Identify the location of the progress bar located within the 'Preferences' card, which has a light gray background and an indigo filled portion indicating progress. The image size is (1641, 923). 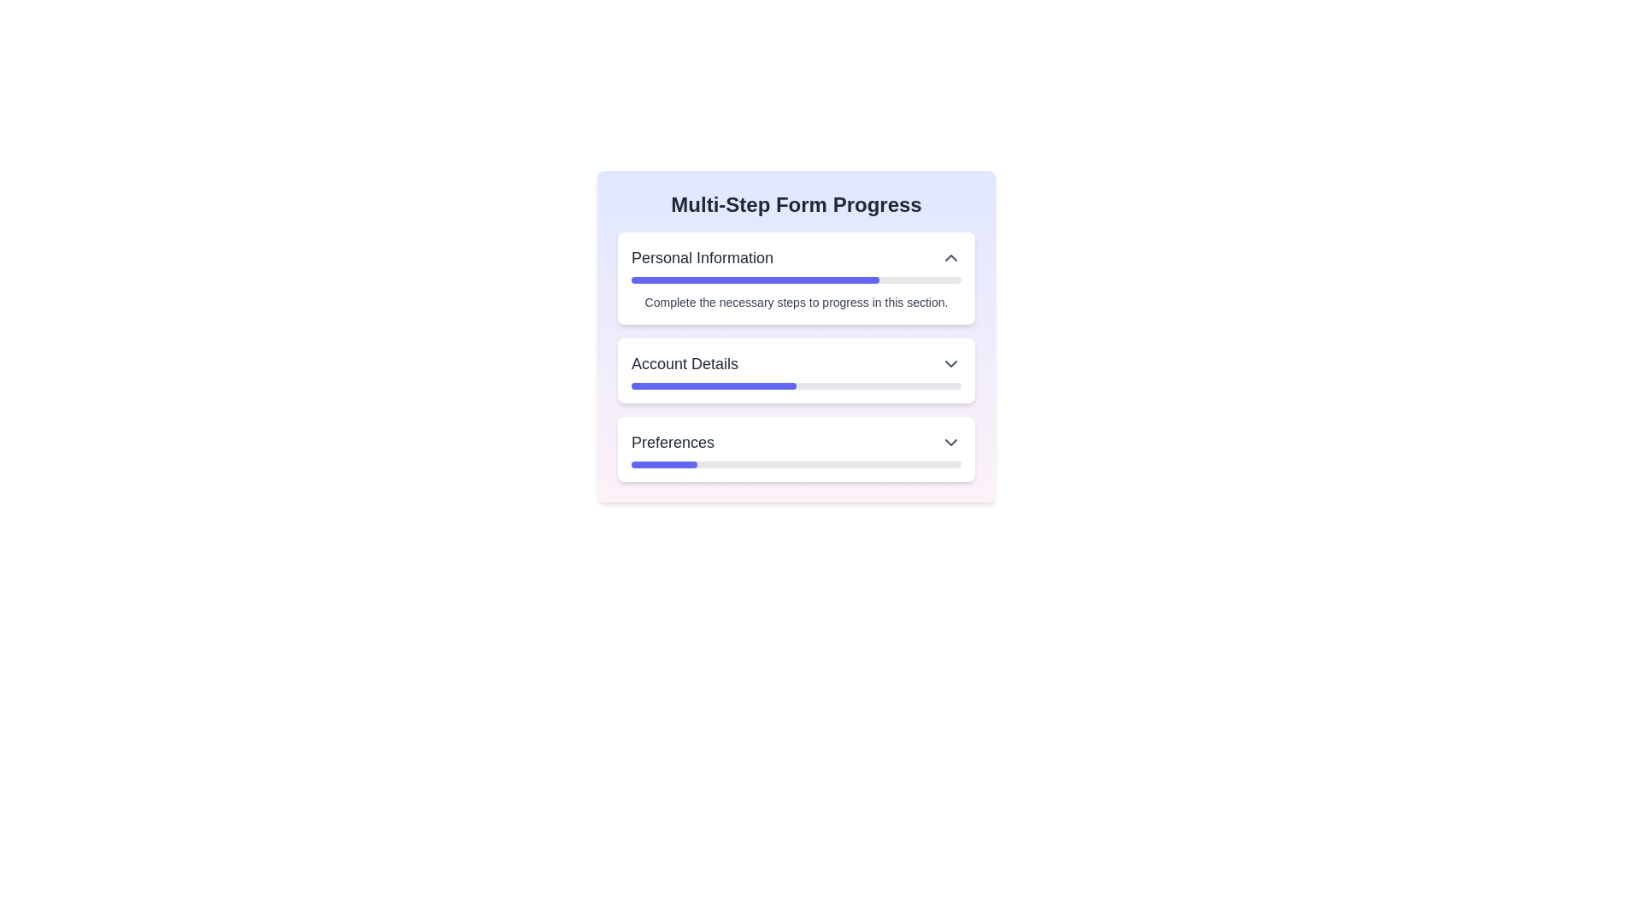
(795, 464).